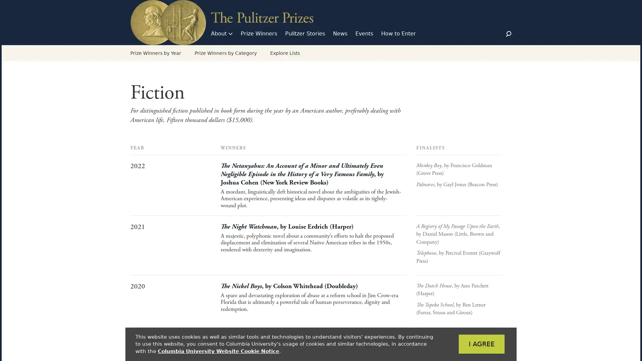  What do you see at coordinates (471, 344) in the screenshot?
I see `Close Cookie Notice I AGREE` at bounding box center [471, 344].